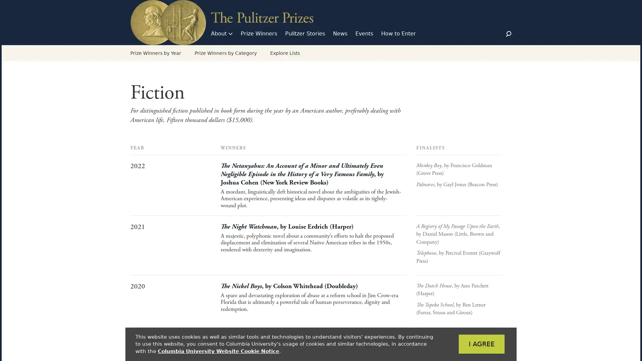  What do you see at coordinates (471, 344) in the screenshot?
I see `Close Cookie Notice I AGREE` at bounding box center [471, 344].